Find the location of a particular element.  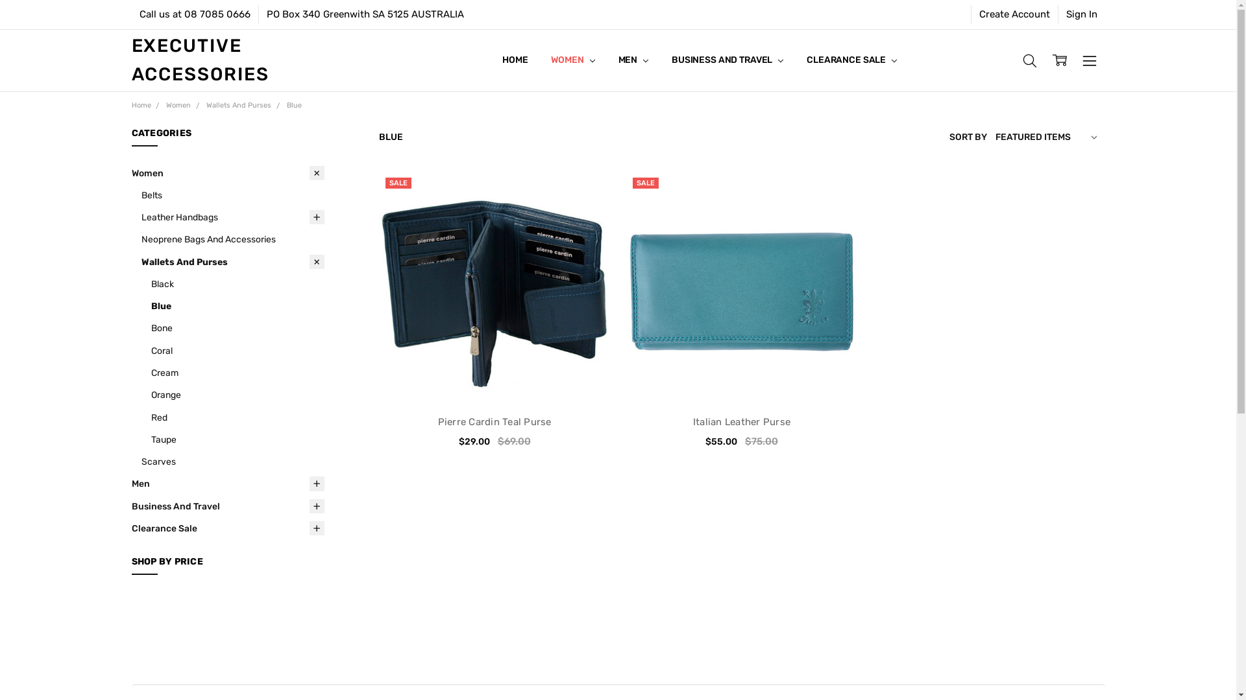

'Teal Pierre Cardin Purse' is located at coordinates (494, 286).